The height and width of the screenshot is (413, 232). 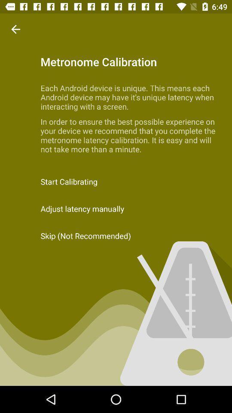 What do you see at coordinates (116, 182) in the screenshot?
I see `icon below in order to item` at bounding box center [116, 182].